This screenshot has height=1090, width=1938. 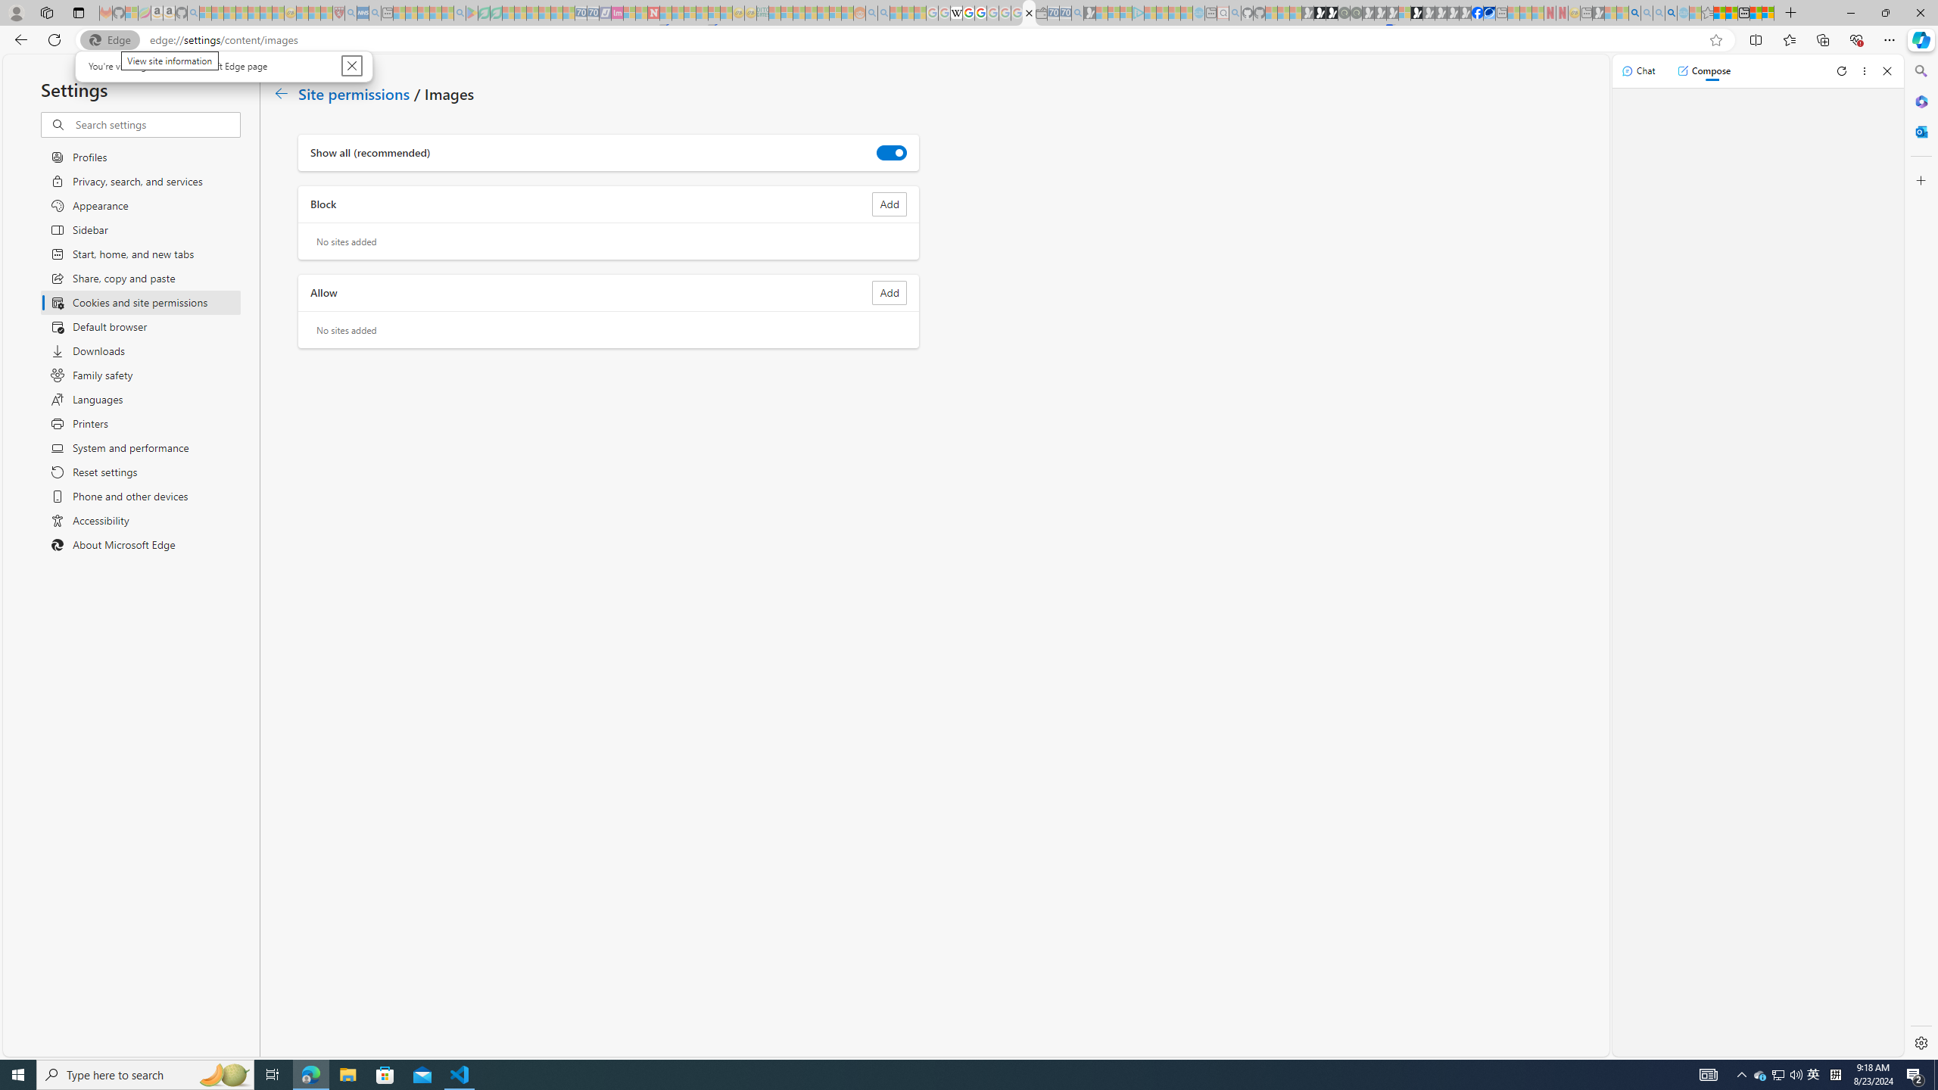 What do you see at coordinates (1731, 12) in the screenshot?
I see `'Aberdeen, Hong Kong SAR weather forecast | Microsoft Weather'` at bounding box center [1731, 12].